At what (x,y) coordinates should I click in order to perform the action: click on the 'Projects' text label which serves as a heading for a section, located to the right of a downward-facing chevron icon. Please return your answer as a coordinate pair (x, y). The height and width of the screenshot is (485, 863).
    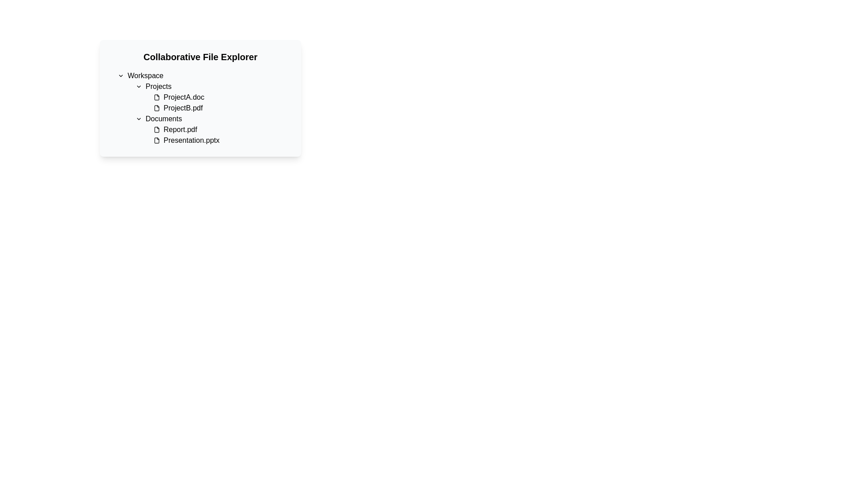
    Looking at the image, I should click on (158, 86).